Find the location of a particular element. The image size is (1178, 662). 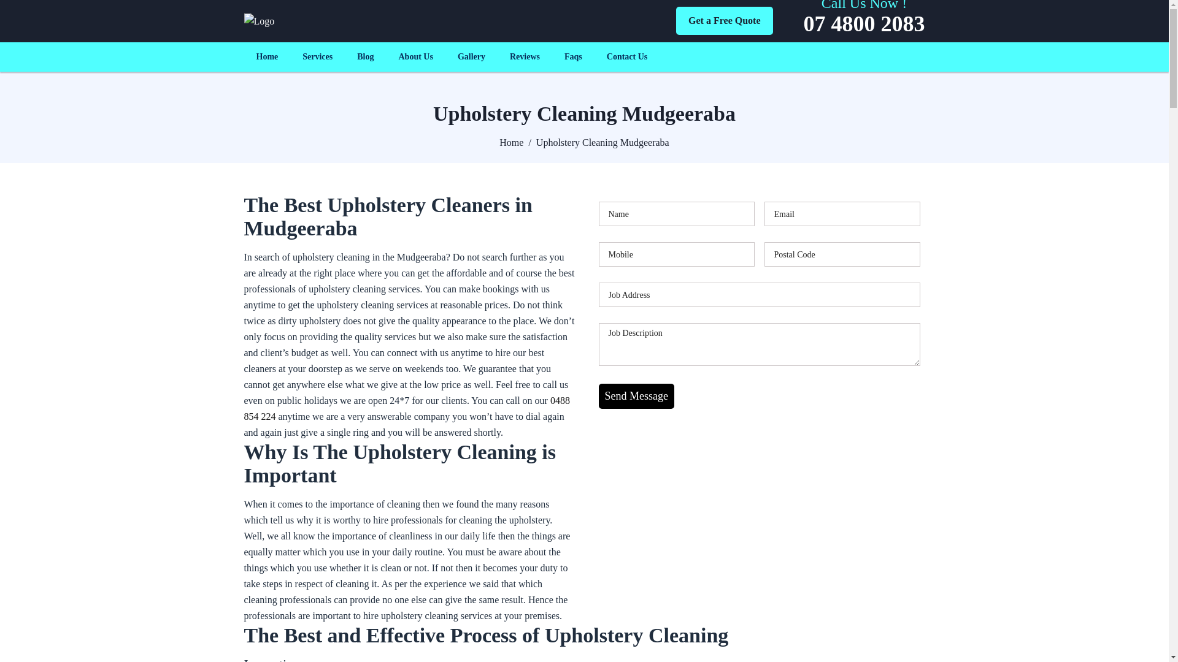

'Faqs' is located at coordinates (572, 56).